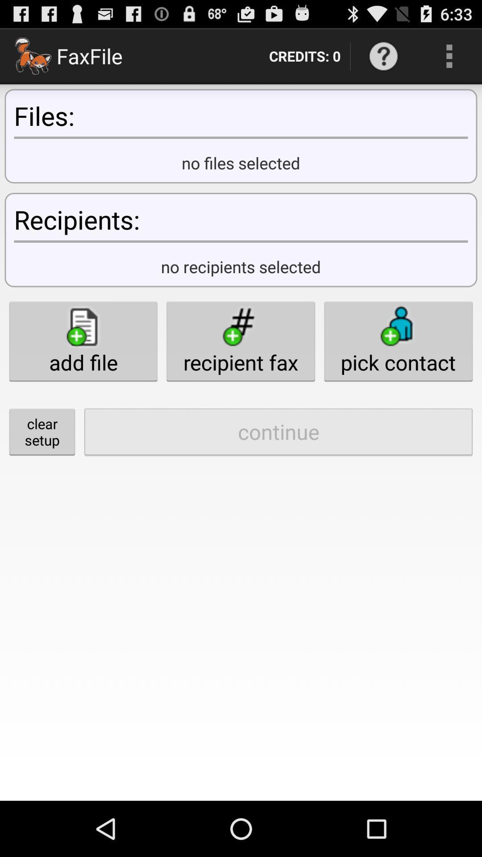 This screenshot has width=482, height=857. Describe the element at coordinates (240, 341) in the screenshot. I see `button above the continue item` at that location.